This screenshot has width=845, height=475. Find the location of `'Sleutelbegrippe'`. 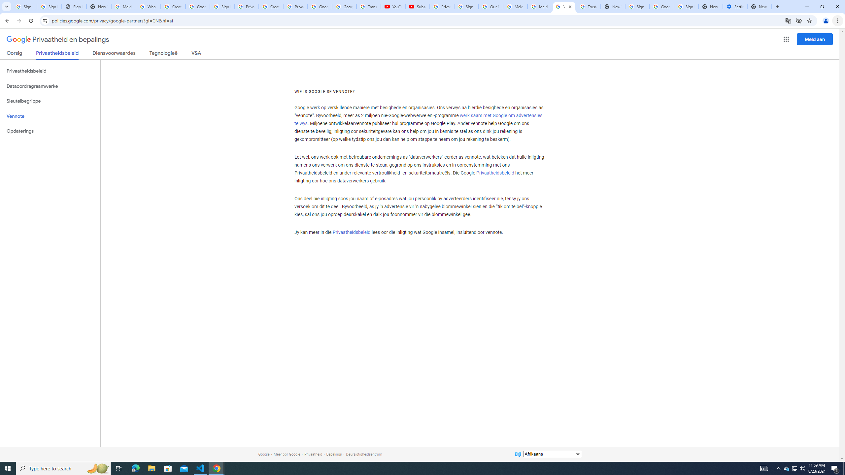

'Sleutelbegrippe' is located at coordinates (50, 101).